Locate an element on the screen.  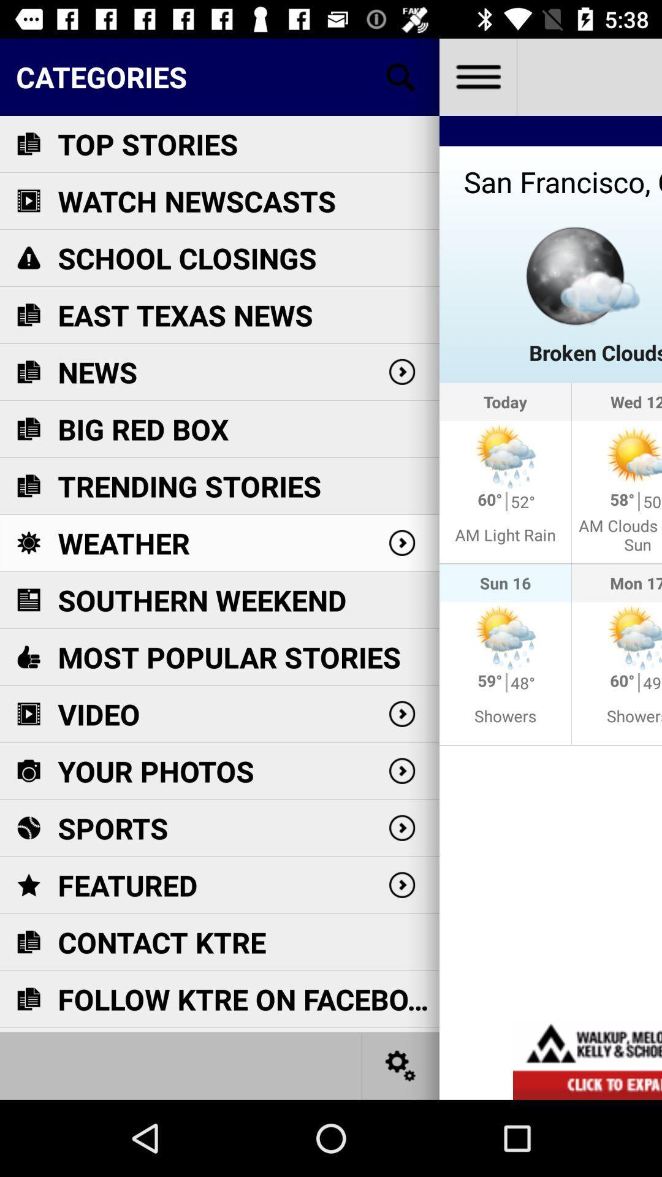
the menu icon is located at coordinates (477, 76).